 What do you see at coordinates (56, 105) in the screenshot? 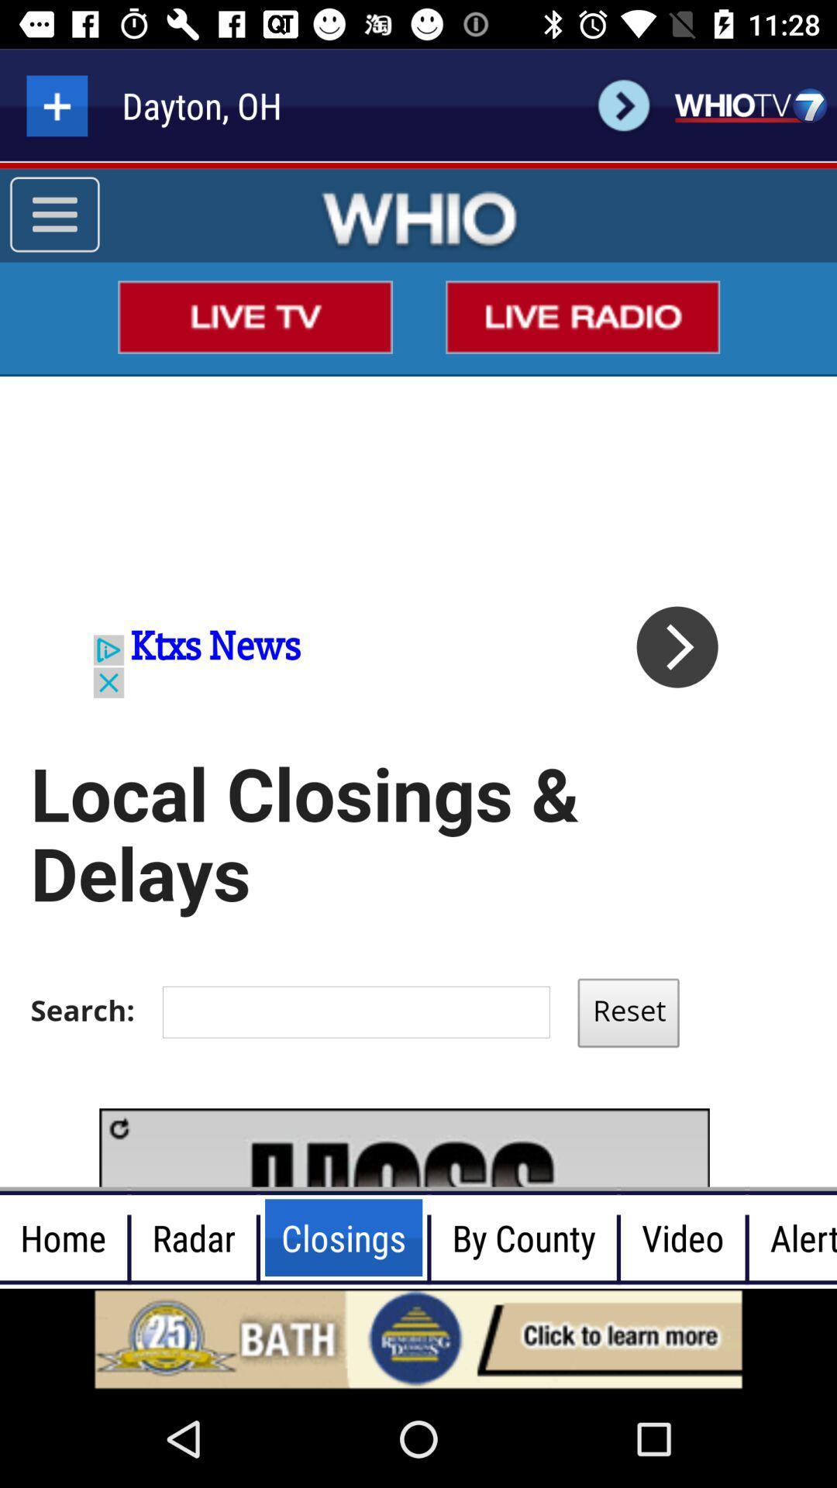
I see `the add icon` at bounding box center [56, 105].